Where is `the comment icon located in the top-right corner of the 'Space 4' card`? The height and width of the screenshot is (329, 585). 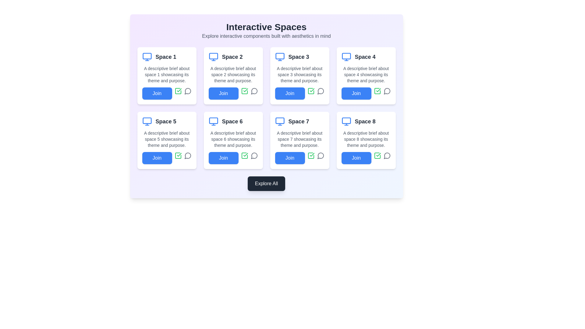
the comment icon located in the top-right corner of the 'Space 4' card is located at coordinates (387, 91).